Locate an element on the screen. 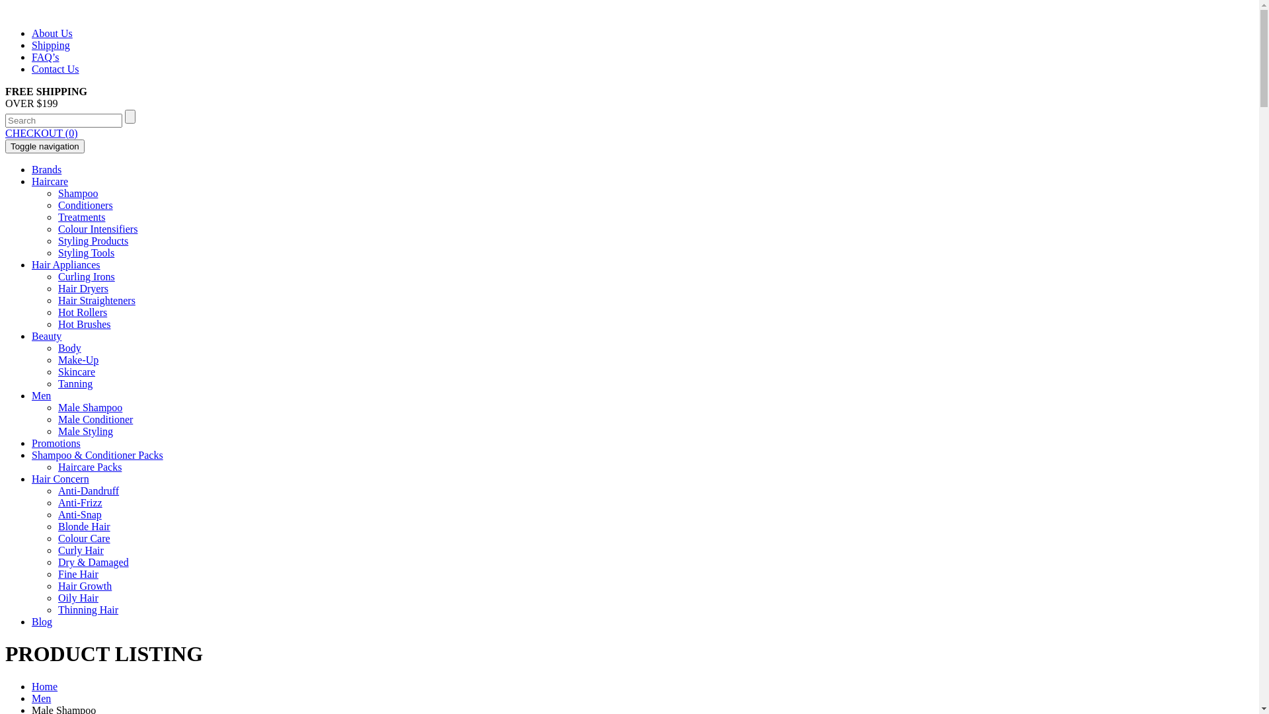 This screenshot has height=714, width=1269. 'Promotions' is located at coordinates (32, 443).